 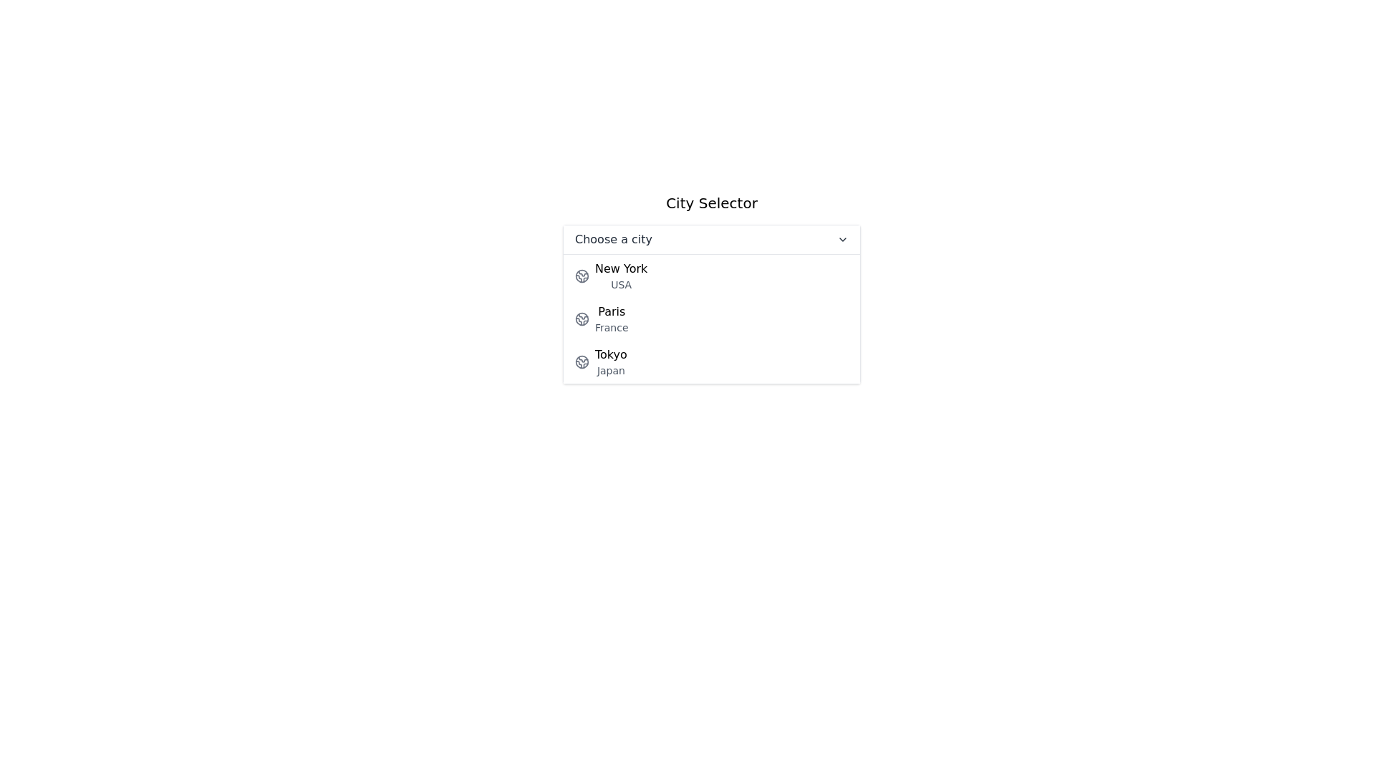 I want to click on the text display element that provides additional information about the location, positioned directly below 'New York' in the dropdown list, so click(x=621, y=284).